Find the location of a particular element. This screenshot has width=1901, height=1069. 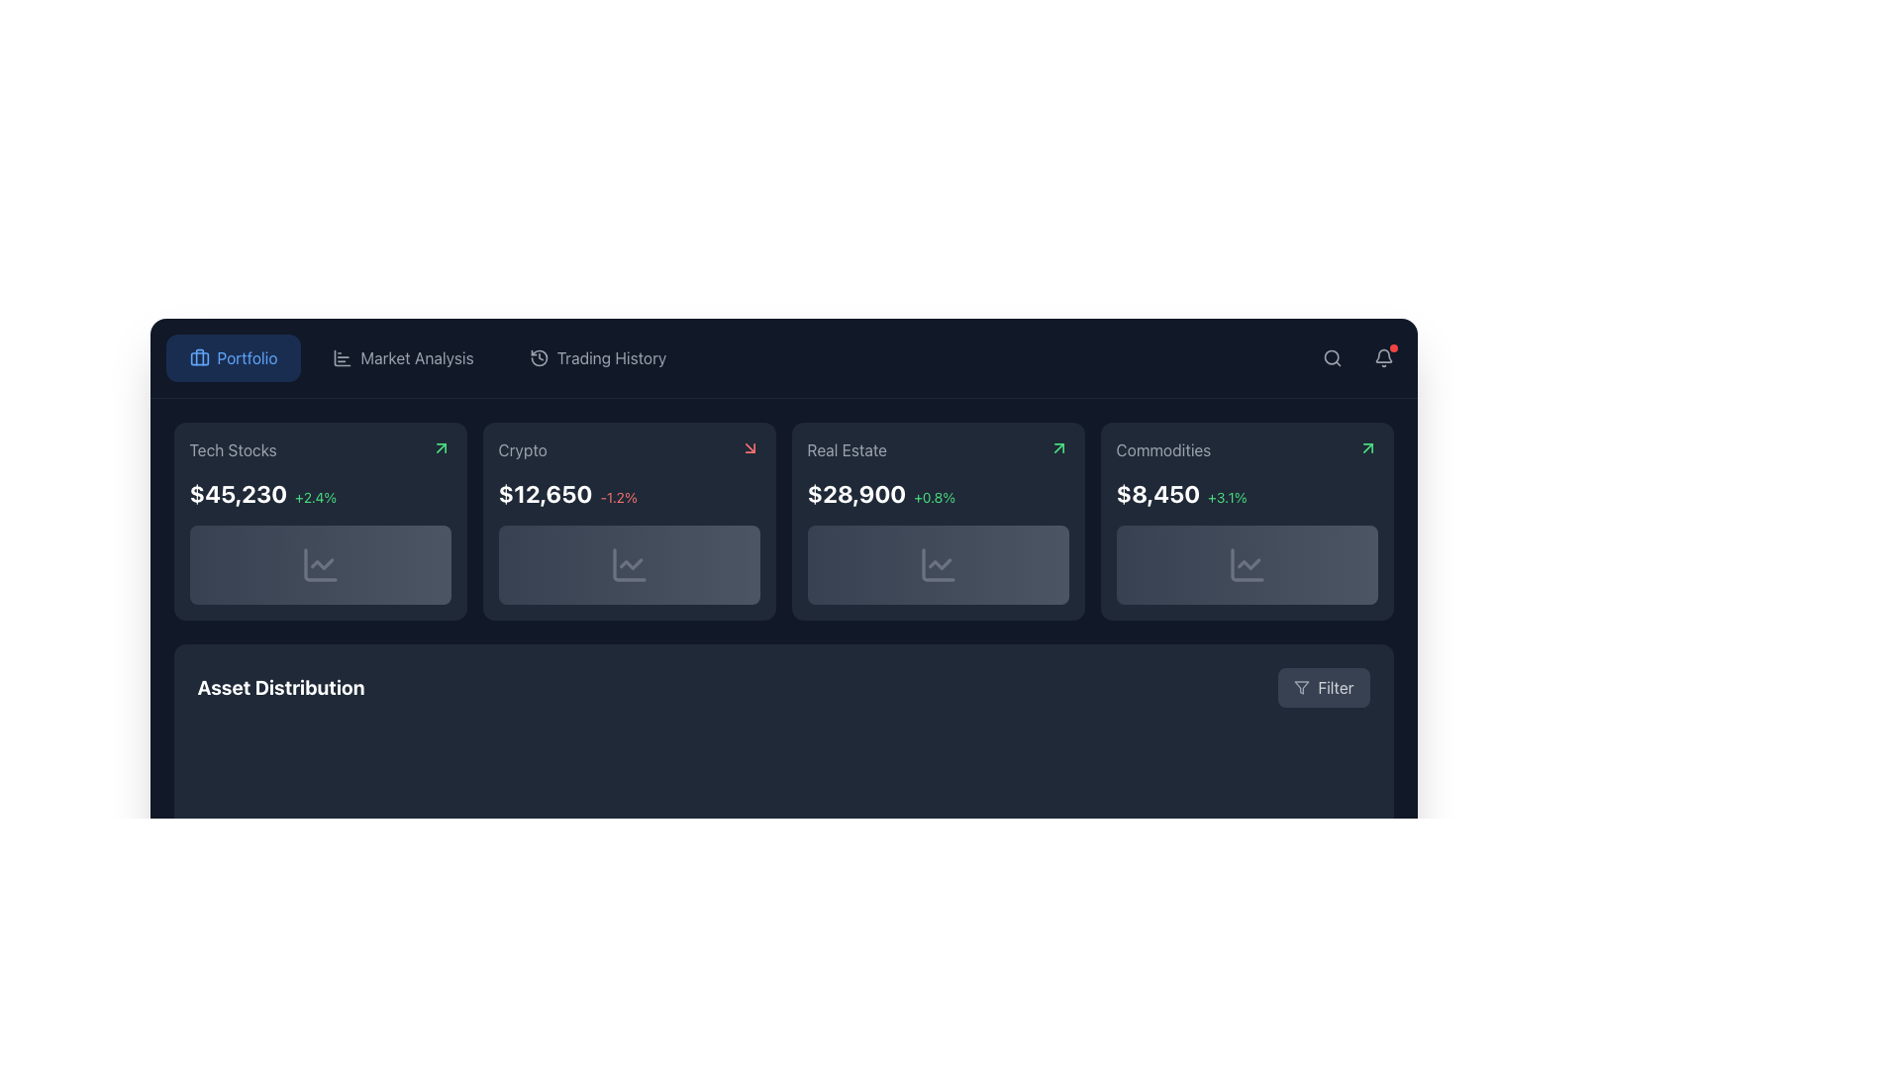

the numeric value styled in bold white font with a green percentage, located in the 'Tech Stocks' card, positioned in the upper half of the interface is located at coordinates (320, 492).